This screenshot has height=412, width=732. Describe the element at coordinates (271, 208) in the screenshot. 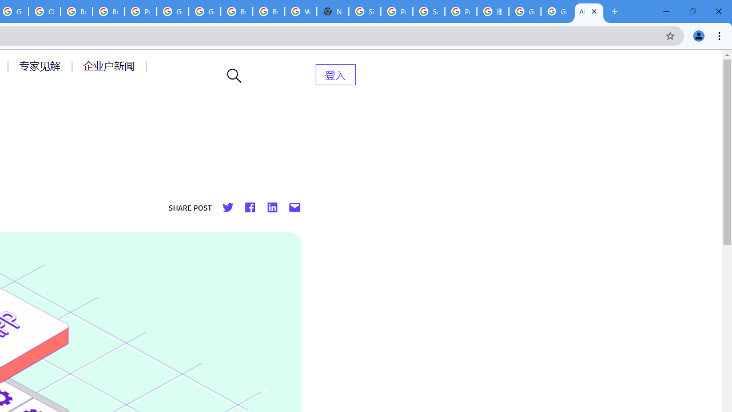

I see `'Share on Linkedin'` at that location.